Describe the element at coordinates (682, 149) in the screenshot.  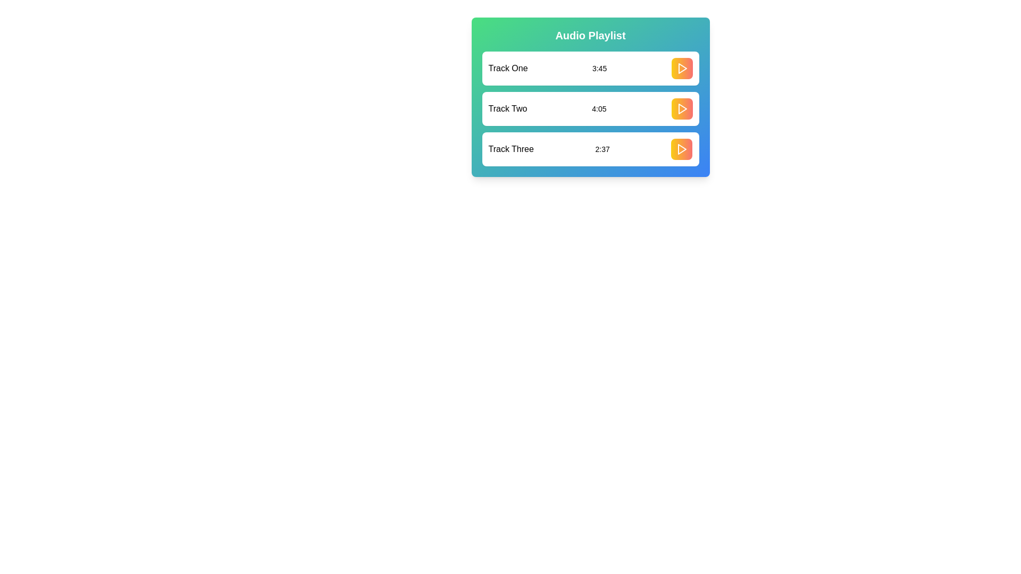
I see `the triangular play icon button located` at that location.